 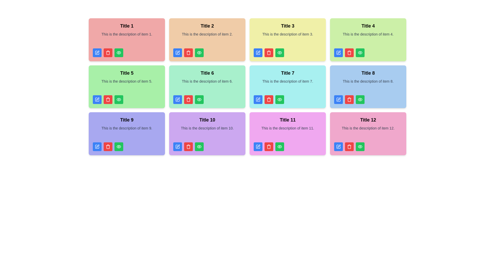 What do you see at coordinates (97, 146) in the screenshot?
I see `the blue icon-button resembling an open sheet with a pencil overlay located at the lower left corner of the card titled 'Title 9' to initiate the edit action` at bounding box center [97, 146].